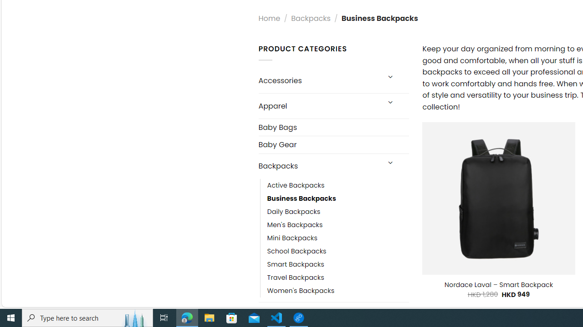  I want to click on 'Mini Backpacks', so click(292, 238).